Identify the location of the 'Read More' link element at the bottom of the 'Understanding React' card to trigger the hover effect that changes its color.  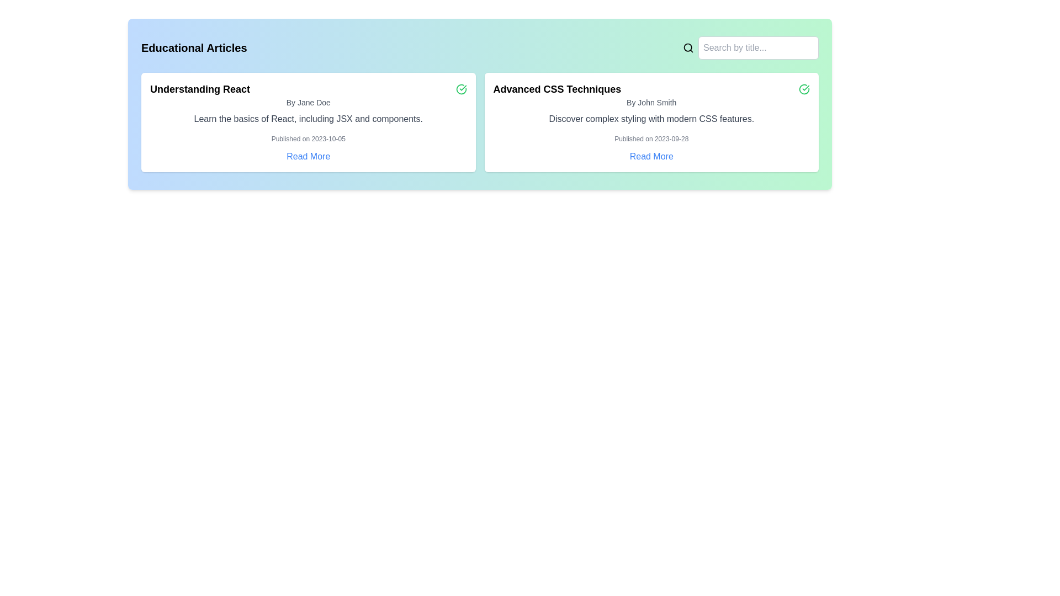
(308, 157).